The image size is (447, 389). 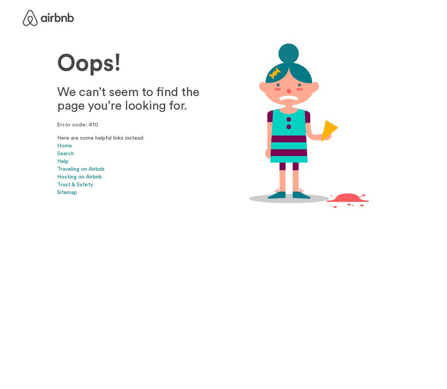 What do you see at coordinates (74, 184) in the screenshot?
I see `'Trust & Safety'` at bounding box center [74, 184].